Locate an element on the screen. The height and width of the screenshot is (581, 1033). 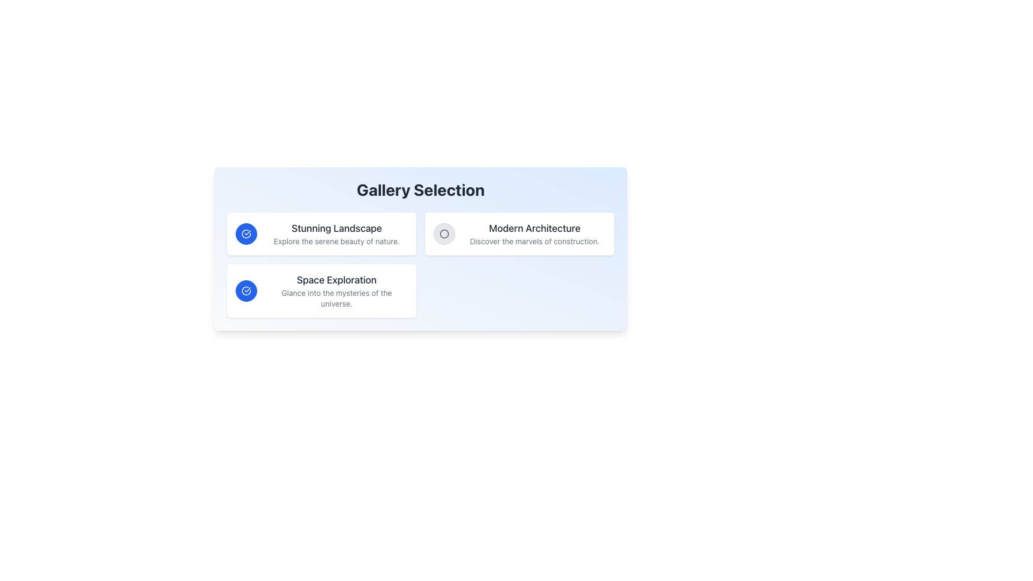
the 'Stunning Landscape' selectable option button, which features a blue circular checkmark icon and bold dark text is located at coordinates (321, 233).